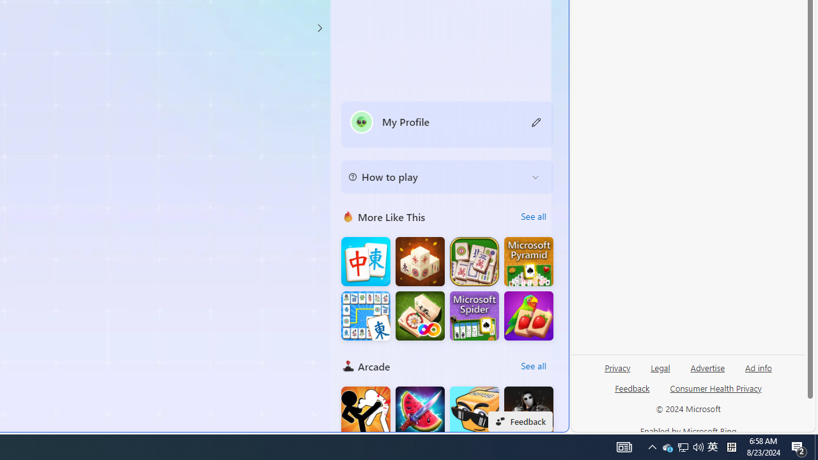 The width and height of the screenshot is (818, 460). What do you see at coordinates (529, 411) in the screenshot?
I see `'Hunter Hitman'` at bounding box center [529, 411].